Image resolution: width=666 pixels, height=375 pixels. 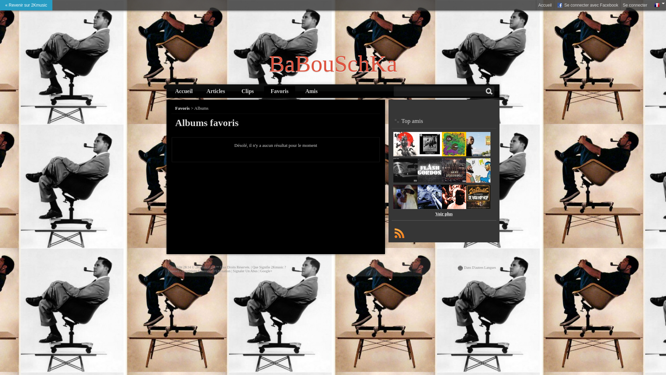 What do you see at coordinates (479, 267) in the screenshot?
I see `'Dans D'Autres Langues'` at bounding box center [479, 267].